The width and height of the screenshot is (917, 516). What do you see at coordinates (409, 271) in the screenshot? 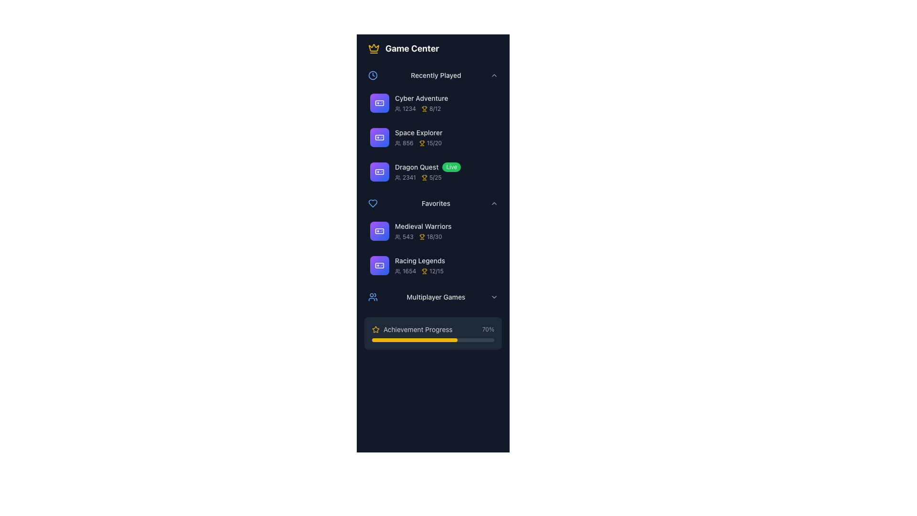
I see `the text displaying the number '1654' styled in a small gray font, located to the right of the user icon under the 'Racing Legends' item in the Favorites section` at bounding box center [409, 271].